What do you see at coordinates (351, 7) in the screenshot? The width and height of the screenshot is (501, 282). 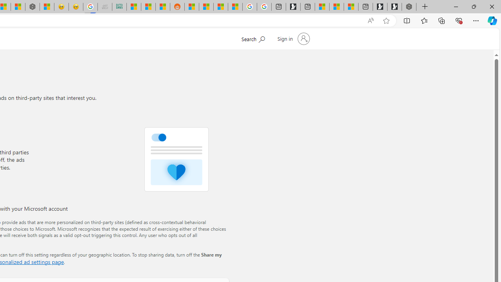 I see `'These 3 Stocks Pay You More Than 5% to Own Them'` at bounding box center [351, 7].